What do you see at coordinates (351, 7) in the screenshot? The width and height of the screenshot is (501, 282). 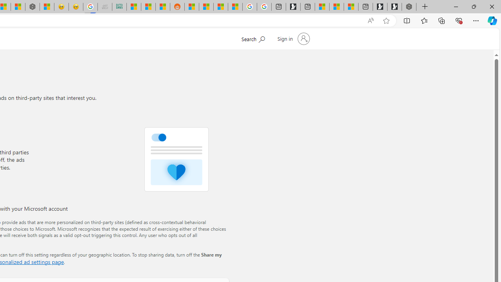 I see `'These 3 Stocks Pay You More Than 5% to Own Them'` at bounding box center [351, 7].